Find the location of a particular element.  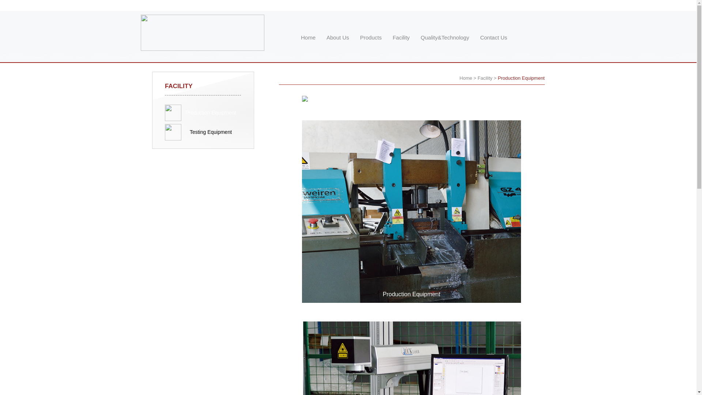

'About Us' is located at coordinates (337, 37).